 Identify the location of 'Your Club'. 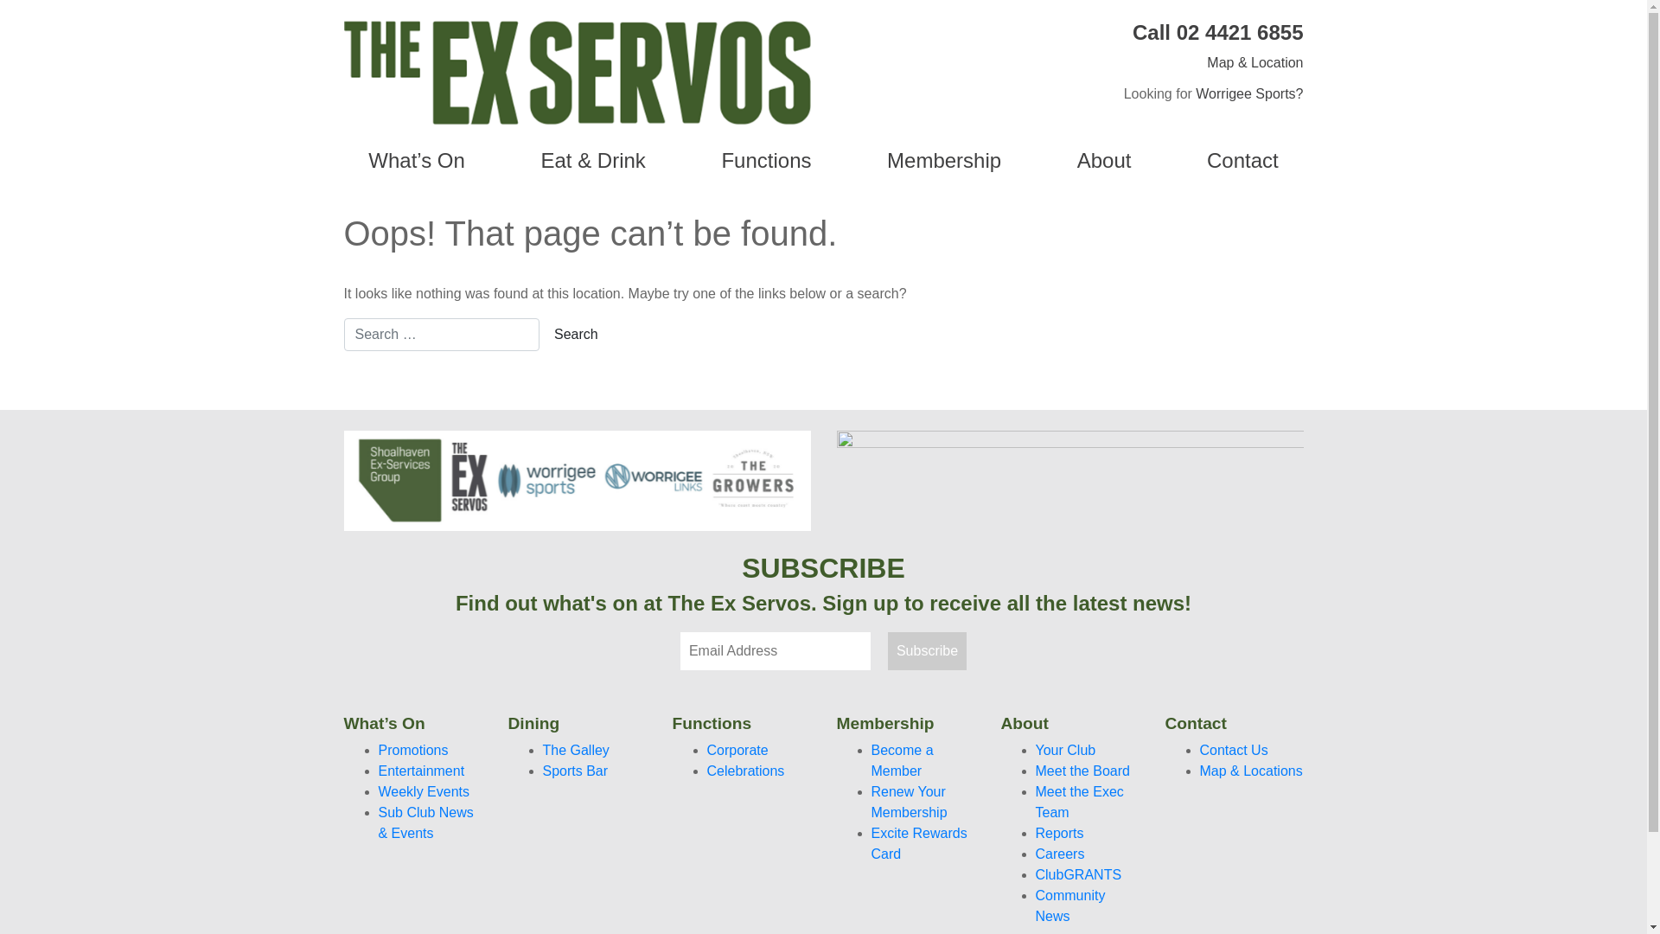
(1065, 749).